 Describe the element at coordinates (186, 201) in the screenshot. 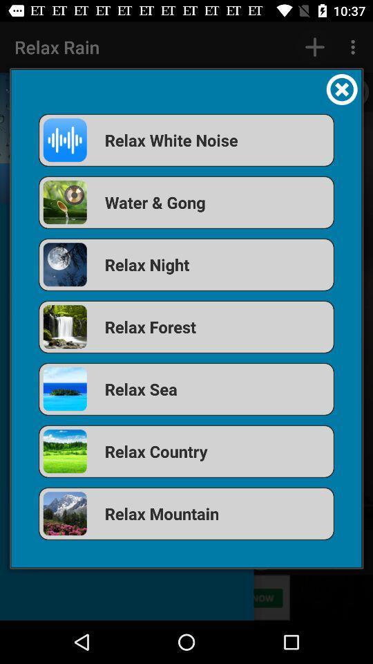

I see `the item above relax night item` at that location.